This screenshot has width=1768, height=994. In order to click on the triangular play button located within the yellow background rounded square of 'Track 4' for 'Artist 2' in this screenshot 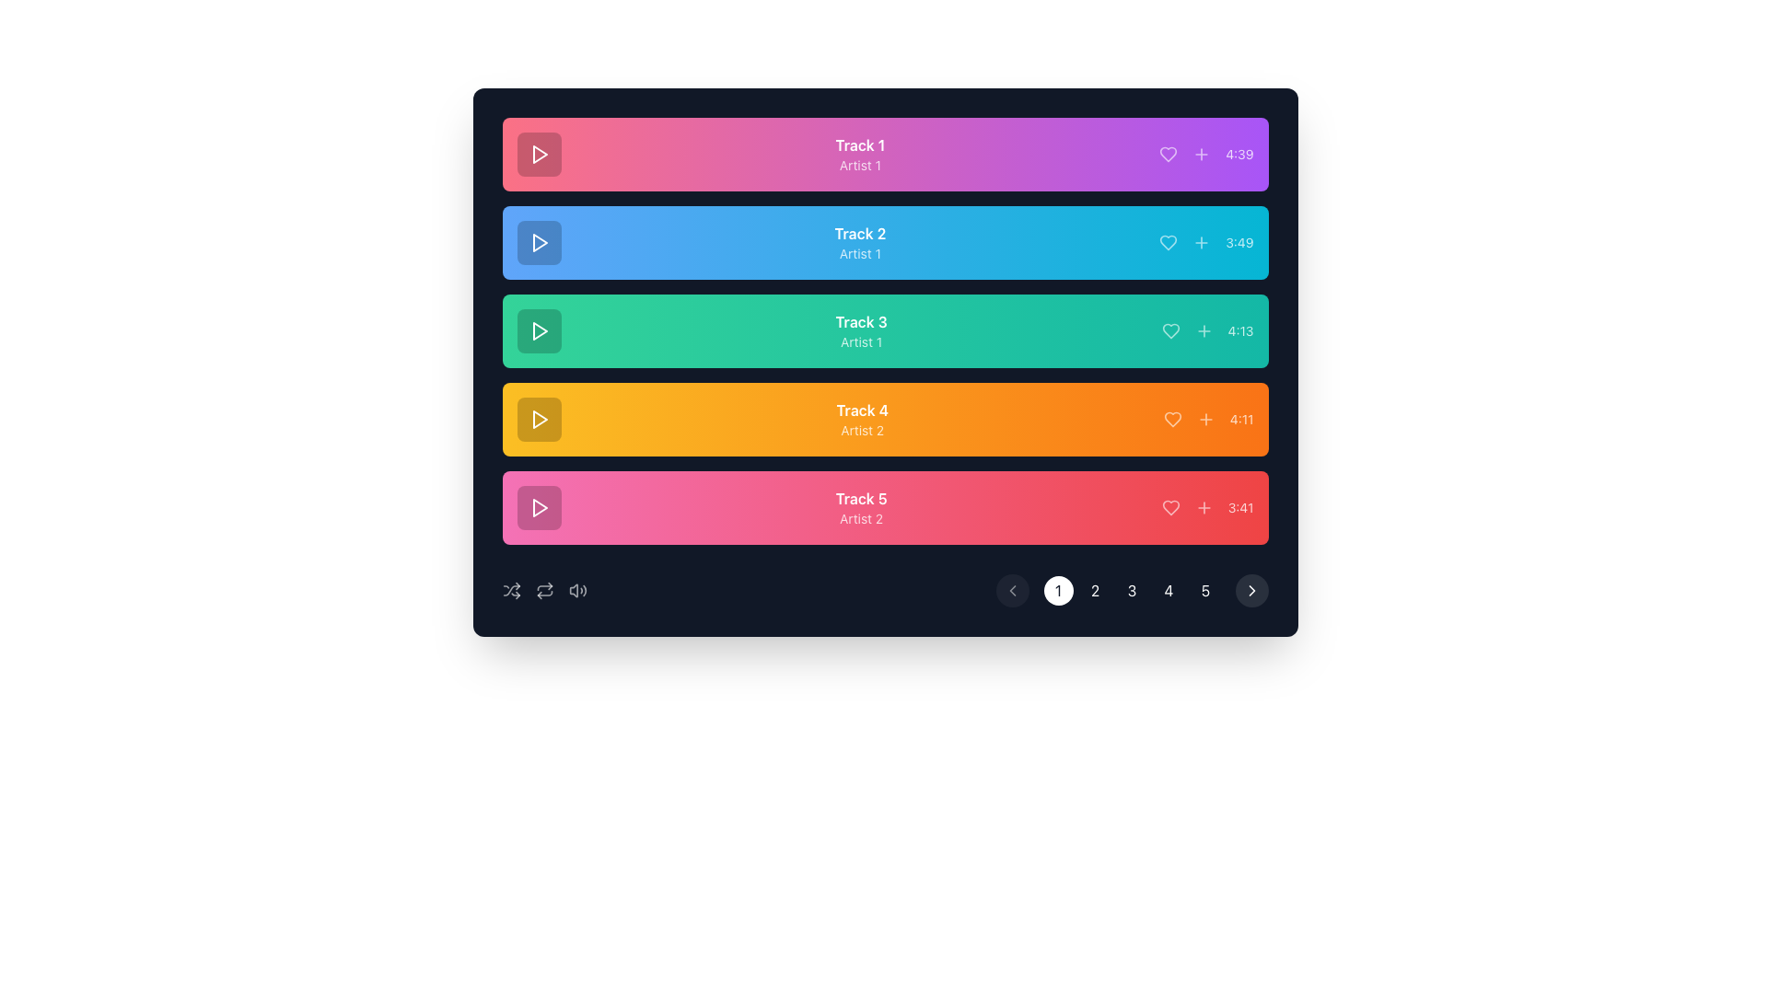, I will do `click(538, 419)`.